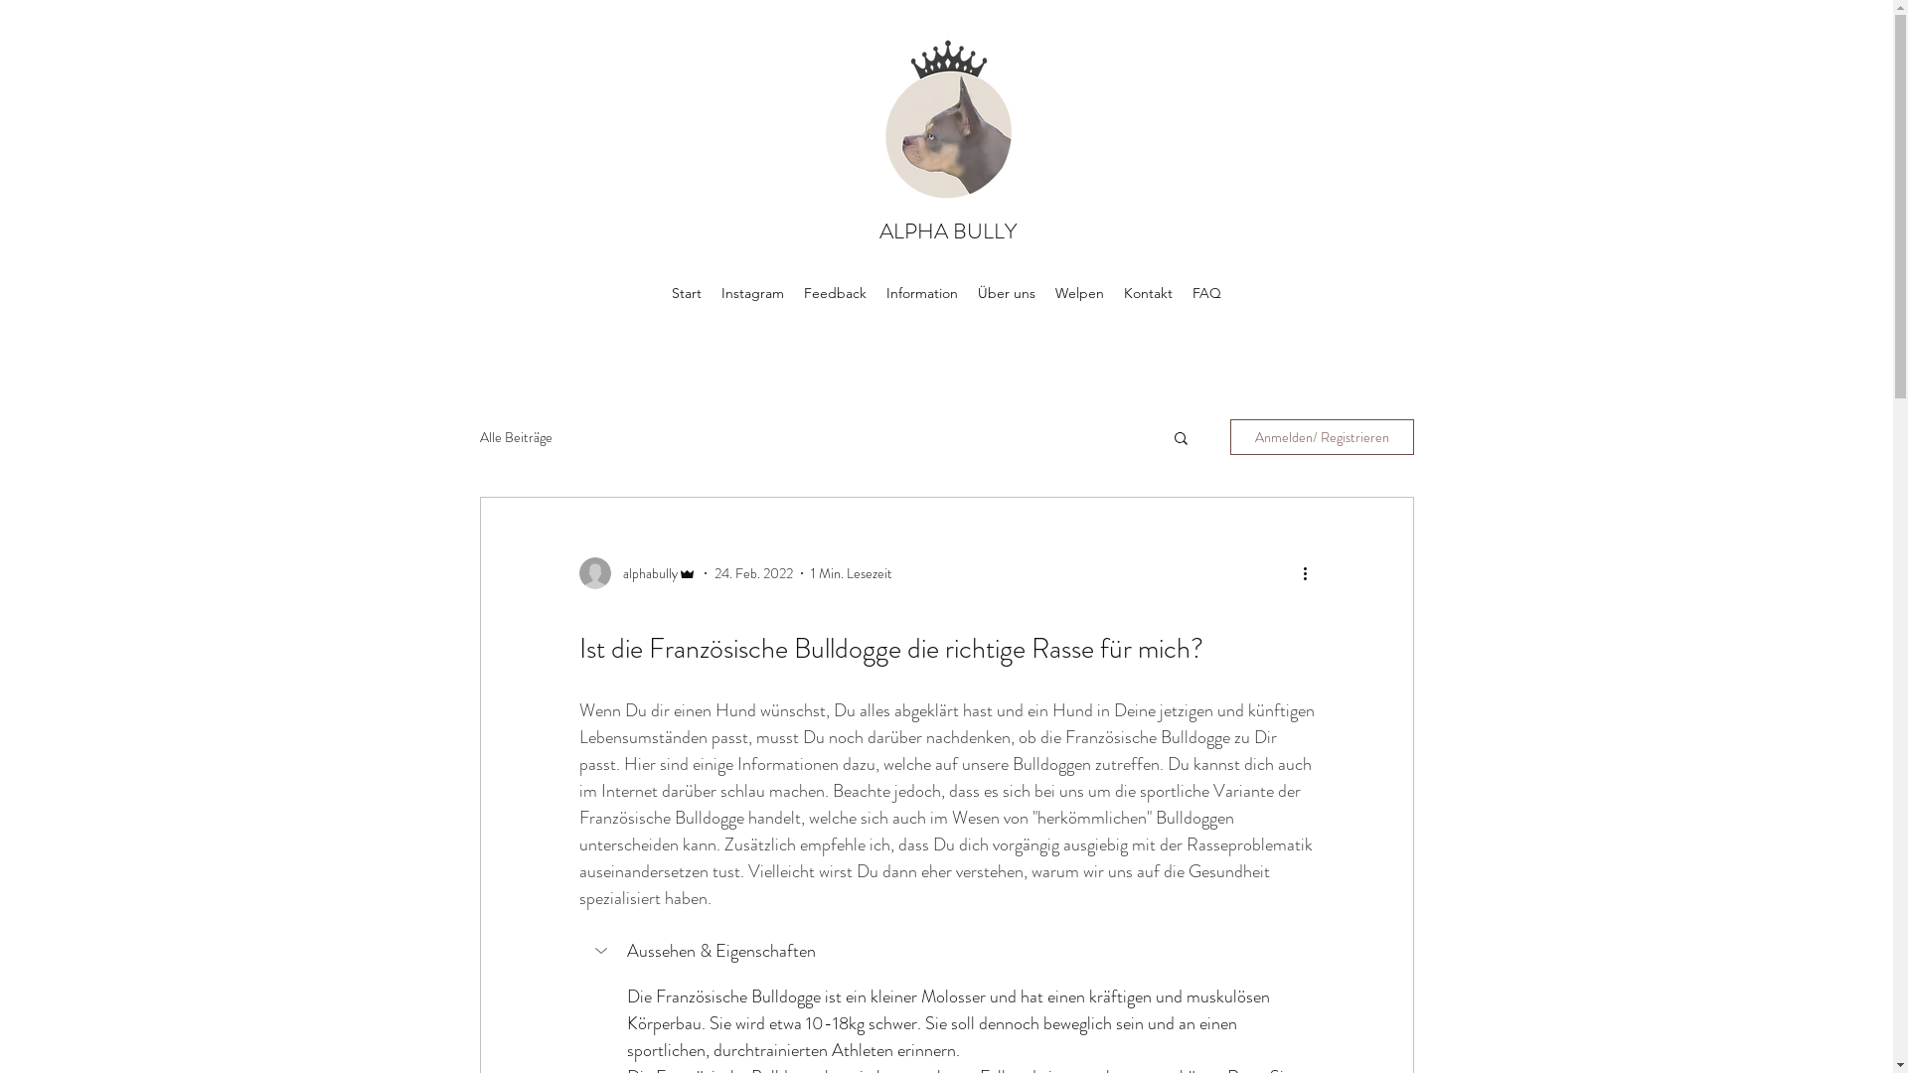 This screenshot has height=1073, width=1908. I want to click on 'Kontakt', so click(1148, 292).